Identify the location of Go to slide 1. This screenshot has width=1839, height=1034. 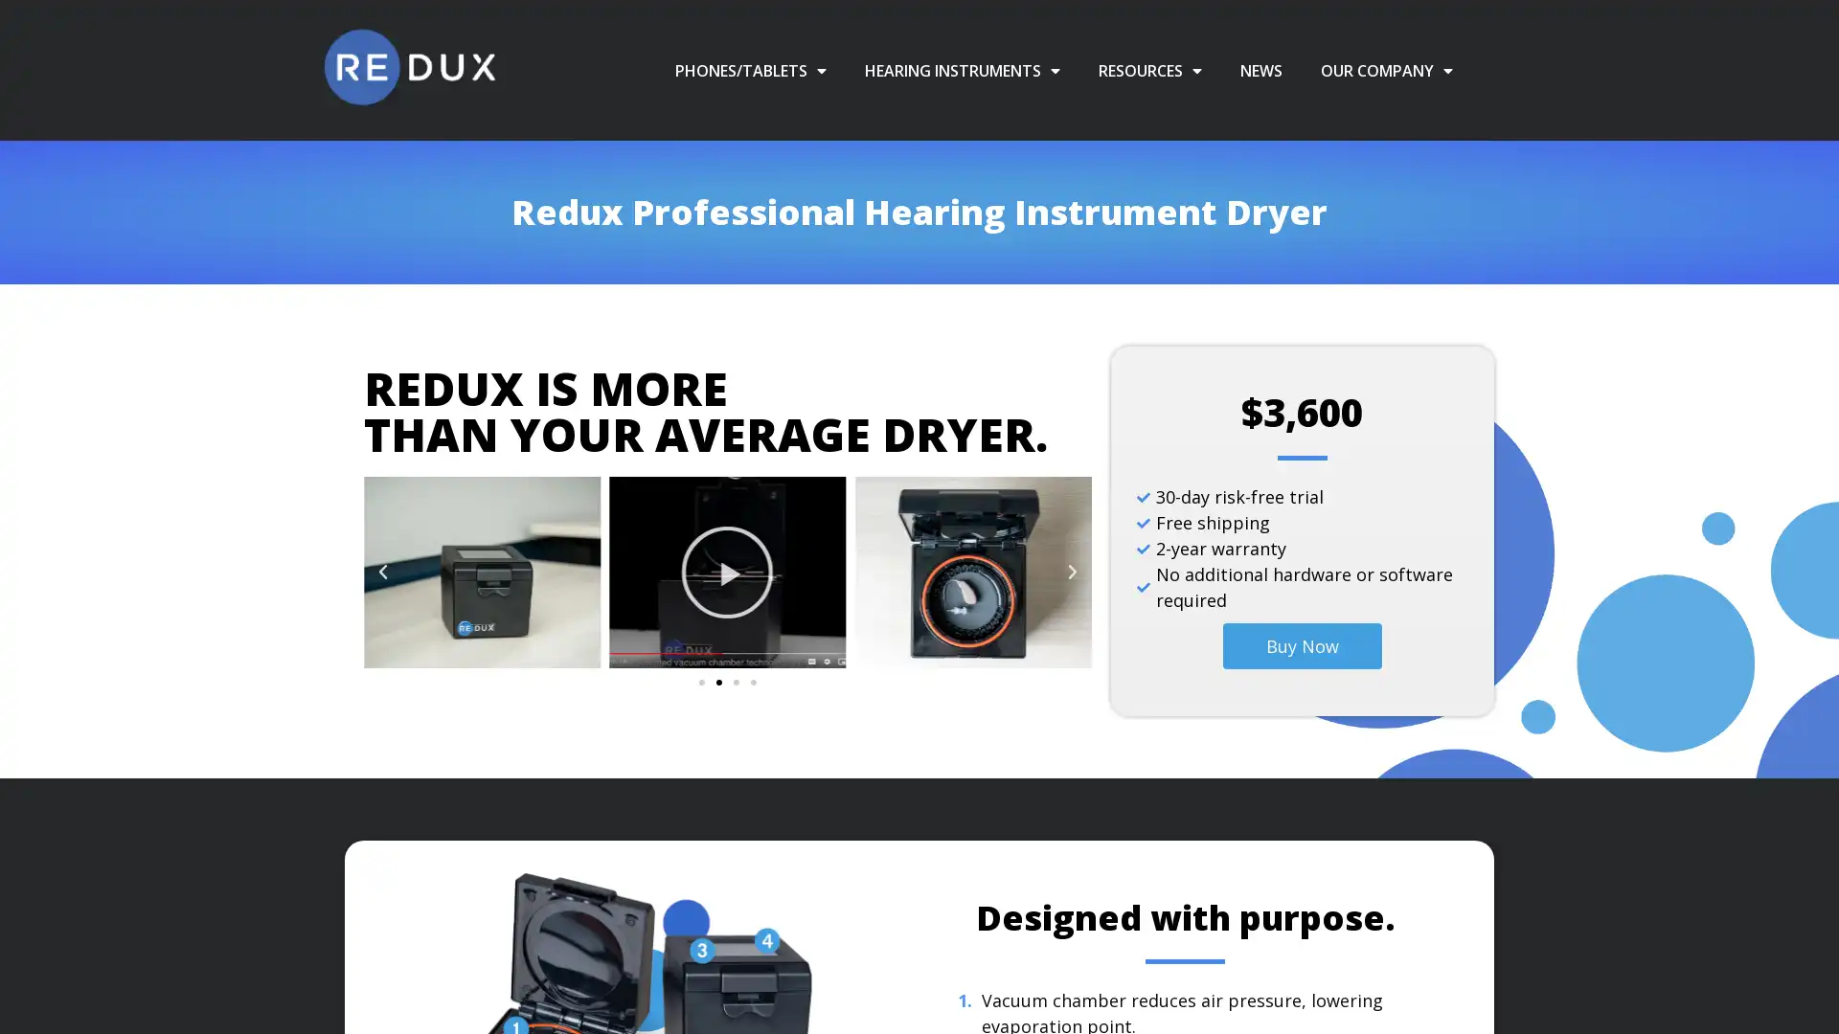
(699, 682).